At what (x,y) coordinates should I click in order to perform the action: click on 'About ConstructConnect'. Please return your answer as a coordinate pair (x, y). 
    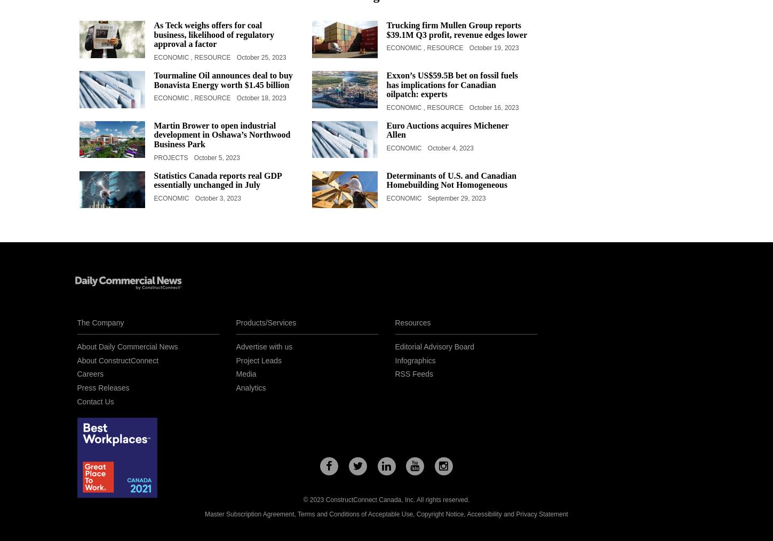
    Looking at the image, I should click on (76, 360).